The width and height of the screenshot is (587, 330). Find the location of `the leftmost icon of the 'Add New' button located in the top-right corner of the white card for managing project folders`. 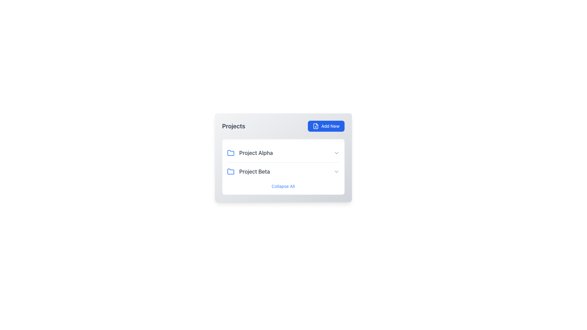

the leftmost icon of the 'Add New' button located in the top-right corner of the white card for managing project folders is located at coordinates (316, 126).